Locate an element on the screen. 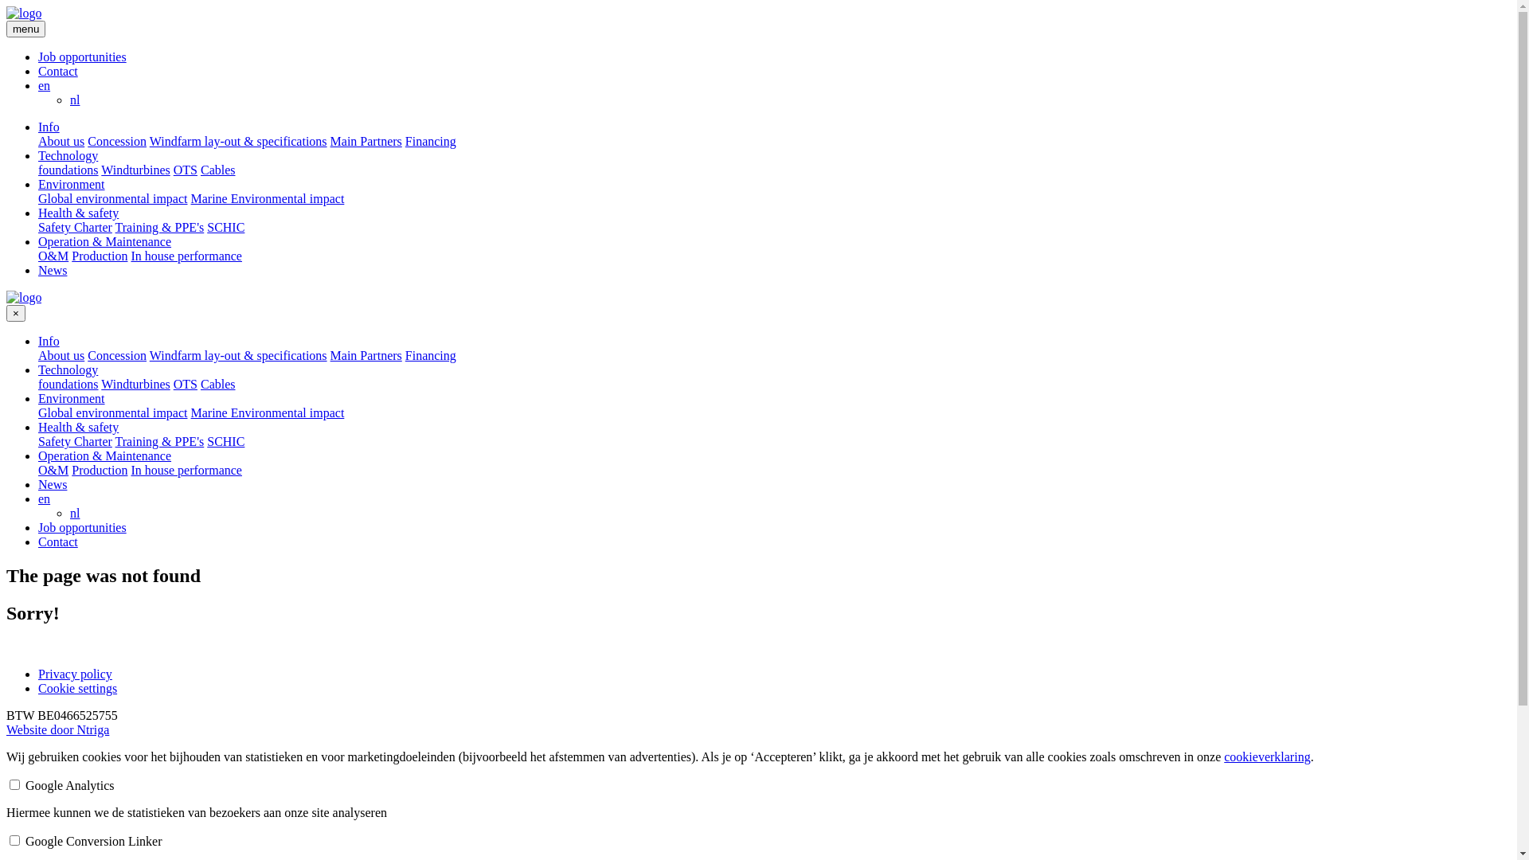  'Cookie settings' is located at coordinates (76, 687).